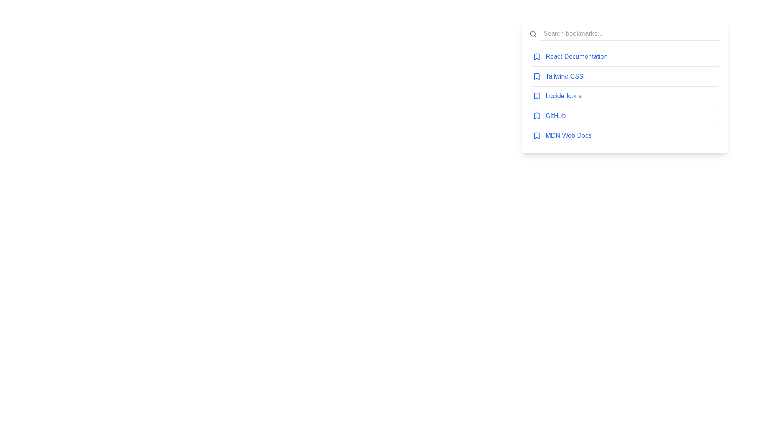 Image resolution: width=775 pixels, height=435 pixels. Describe the element at coordinates (555, 116) in the screenshot. I see `the bookmark link for GitHub to navigate to the respective page` at that location.